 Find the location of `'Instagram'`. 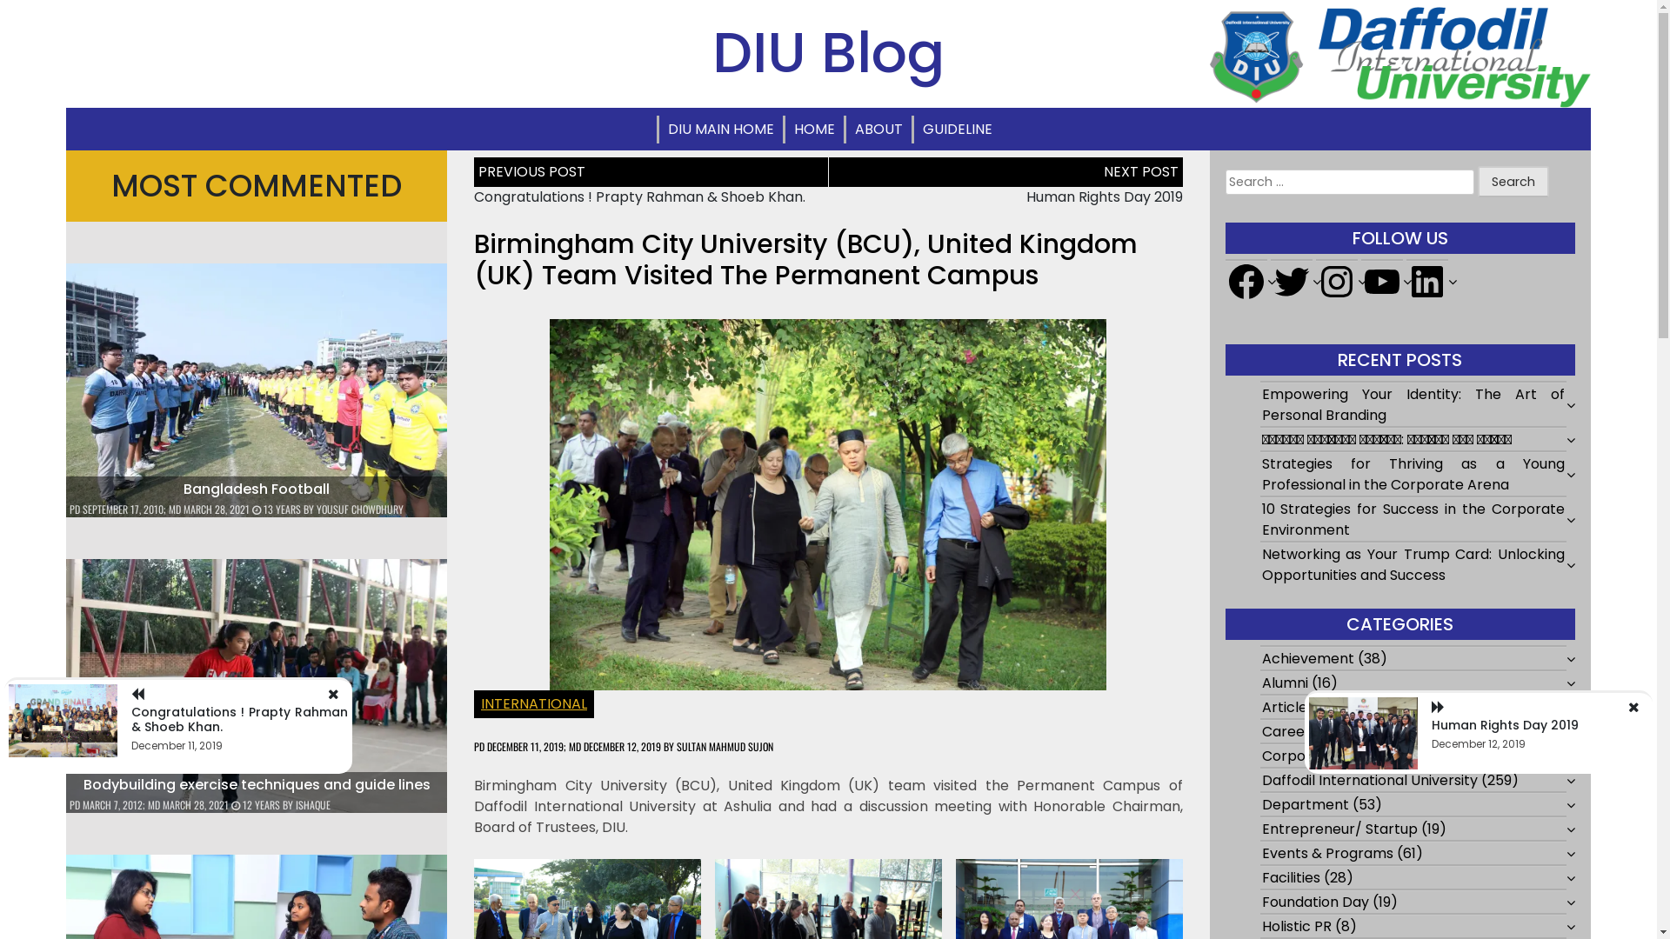

'Instagram' is located at coordinates (1335, 281).